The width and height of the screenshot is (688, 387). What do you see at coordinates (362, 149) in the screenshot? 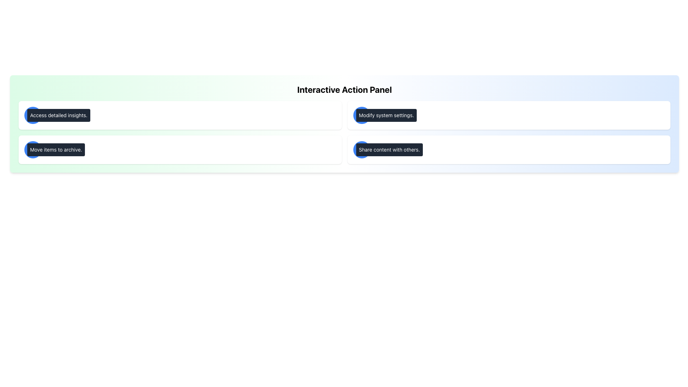
I see `the upward-pointing share icon located in the bottom row, second column of the interactive panel to share content` at bounding box center [362, 149].